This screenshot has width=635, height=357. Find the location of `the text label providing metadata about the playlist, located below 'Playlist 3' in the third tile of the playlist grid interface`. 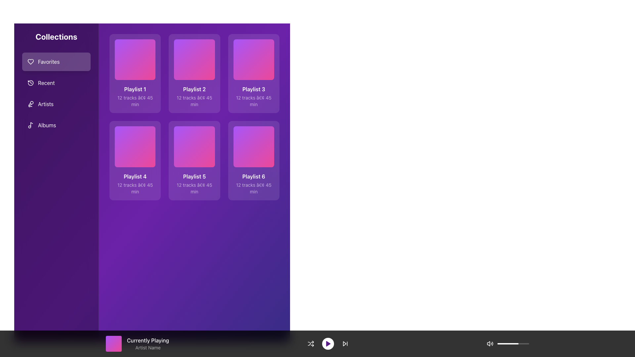

the text label providing metadata about the playlist, located below 'Playlist 3' in the third tile of the playlist grid interface is located at coordinates (253, 101).